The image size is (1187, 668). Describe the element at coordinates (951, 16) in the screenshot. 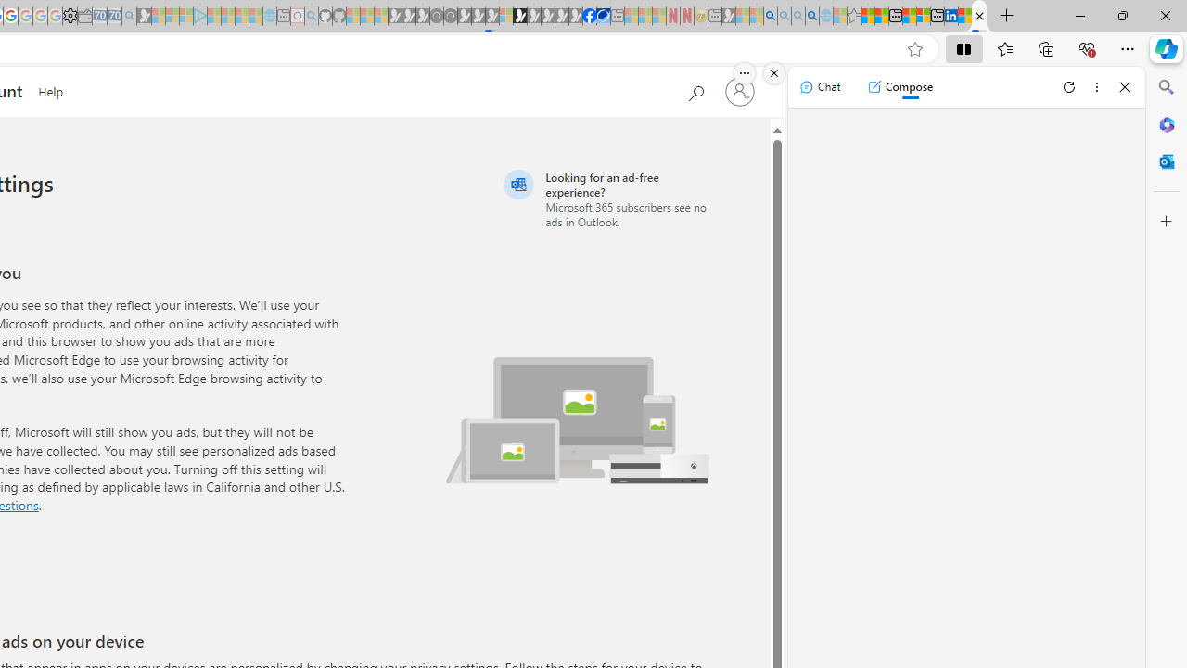

I see `'LinkedIn'` at that location.